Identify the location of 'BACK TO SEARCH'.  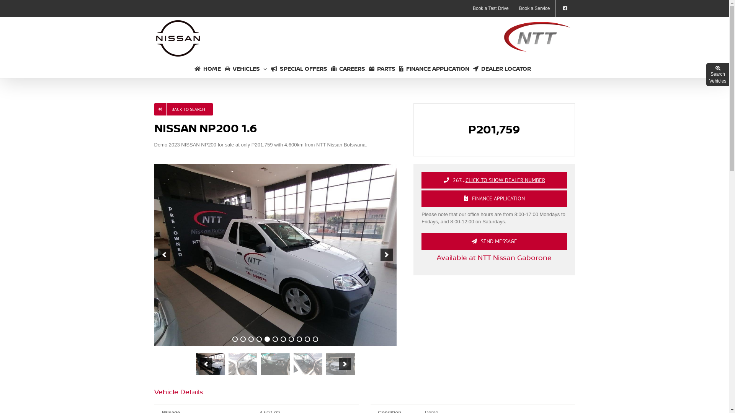
(183, 109).